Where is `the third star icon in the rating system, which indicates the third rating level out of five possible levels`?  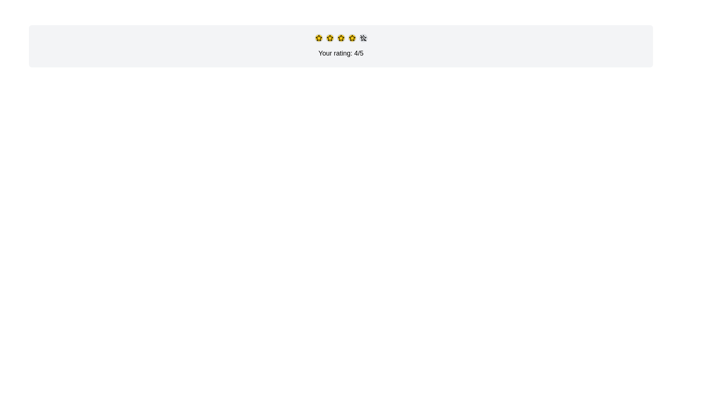 the third star icon in the rating system, which indicates the third rating level out of five possible levels is located at coordinates (340, 38).